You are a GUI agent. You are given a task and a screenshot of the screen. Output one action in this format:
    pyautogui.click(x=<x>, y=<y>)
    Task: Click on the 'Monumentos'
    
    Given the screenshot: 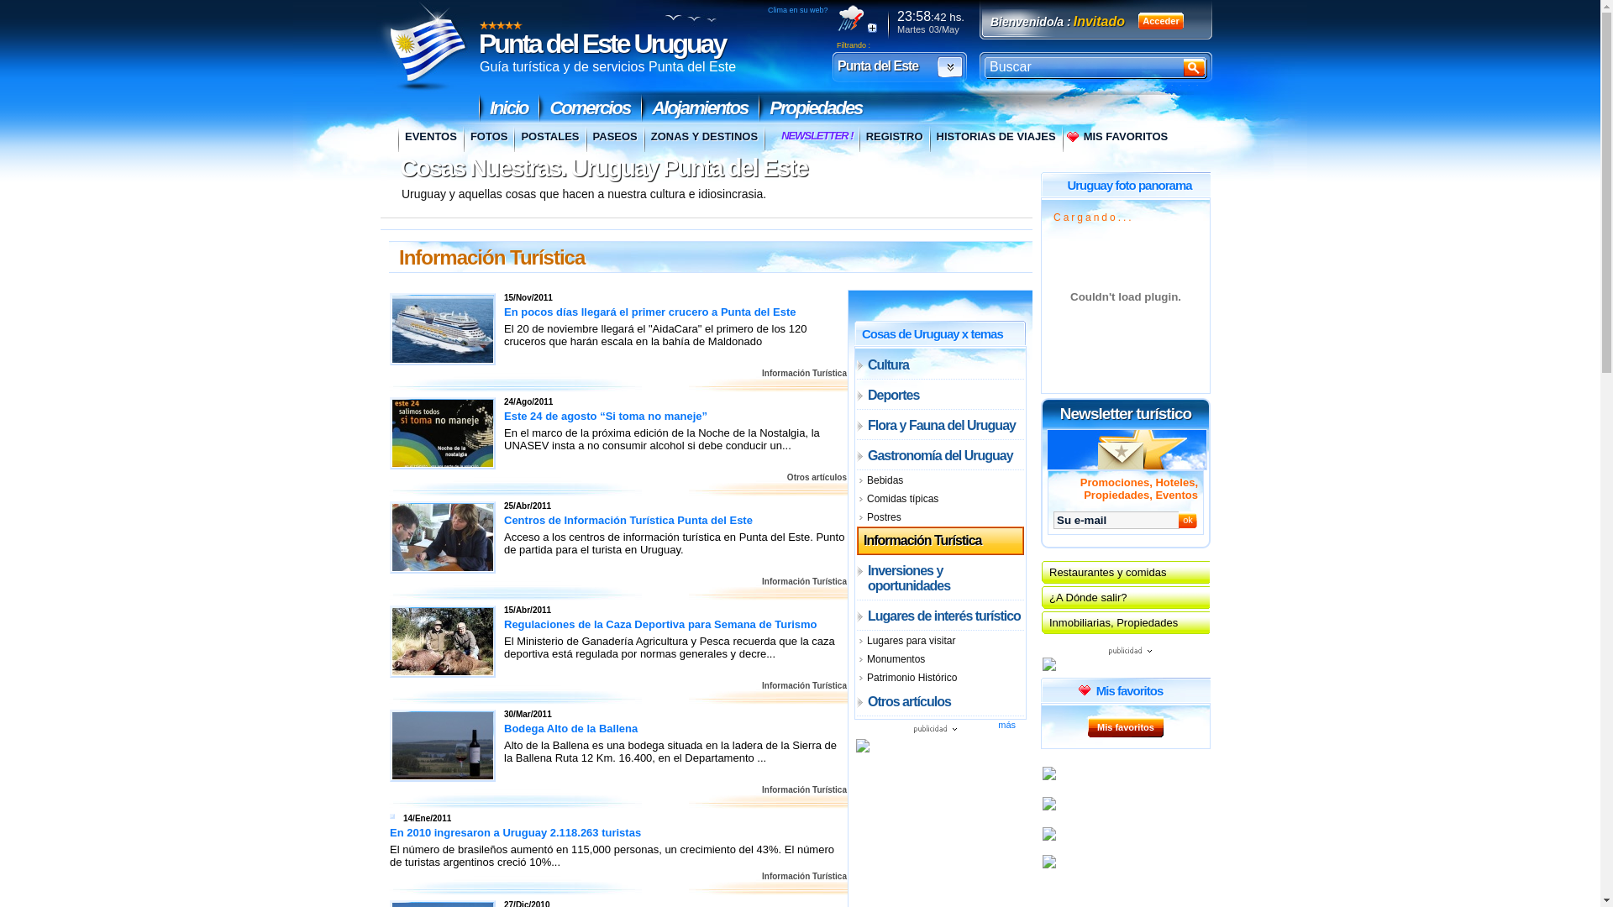 What is the action you would take?
    pyautogui.click(x=939, y=658)
    